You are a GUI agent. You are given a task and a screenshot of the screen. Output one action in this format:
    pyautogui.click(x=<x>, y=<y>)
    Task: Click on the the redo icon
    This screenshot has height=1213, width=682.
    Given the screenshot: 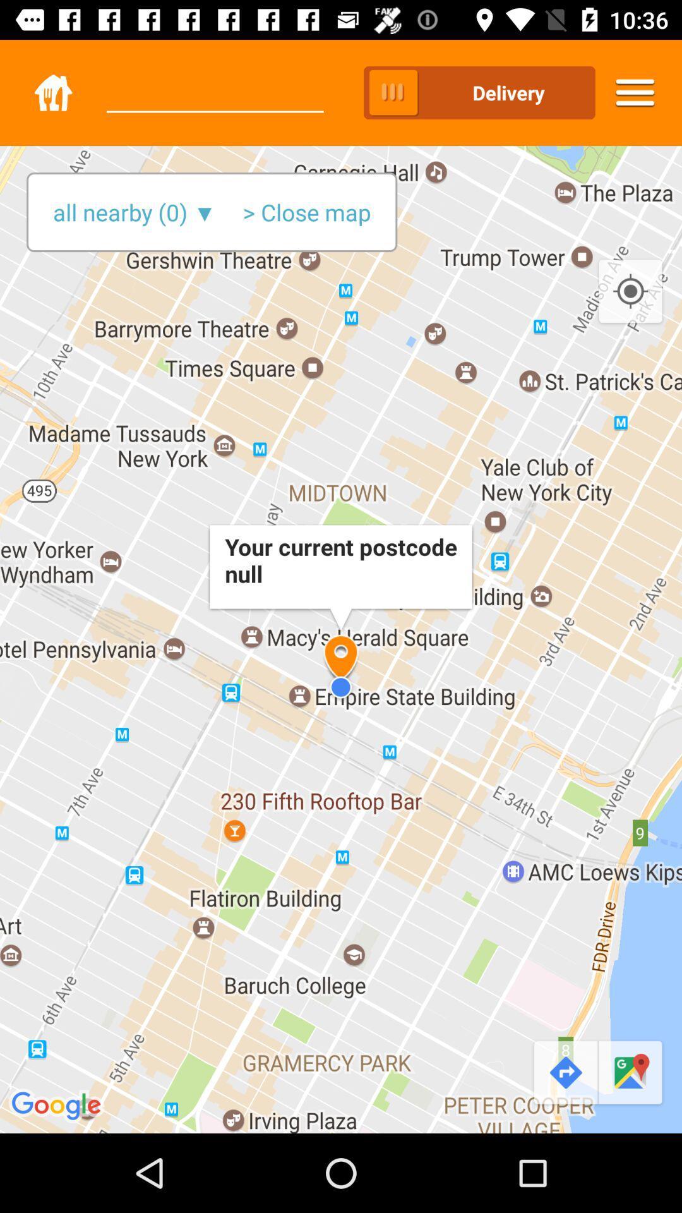 What is the action you would take?
    pyautogui.click(x=564, y=1073)
    